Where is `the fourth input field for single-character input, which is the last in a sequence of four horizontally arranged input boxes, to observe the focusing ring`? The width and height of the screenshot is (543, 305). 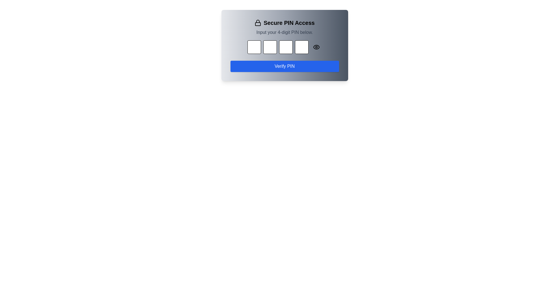 the fourth input field for single-character input, which is the last in a sequence of four horizontally arranged input boxes, to observe the focusing ring is located at coordinates (301, 47).